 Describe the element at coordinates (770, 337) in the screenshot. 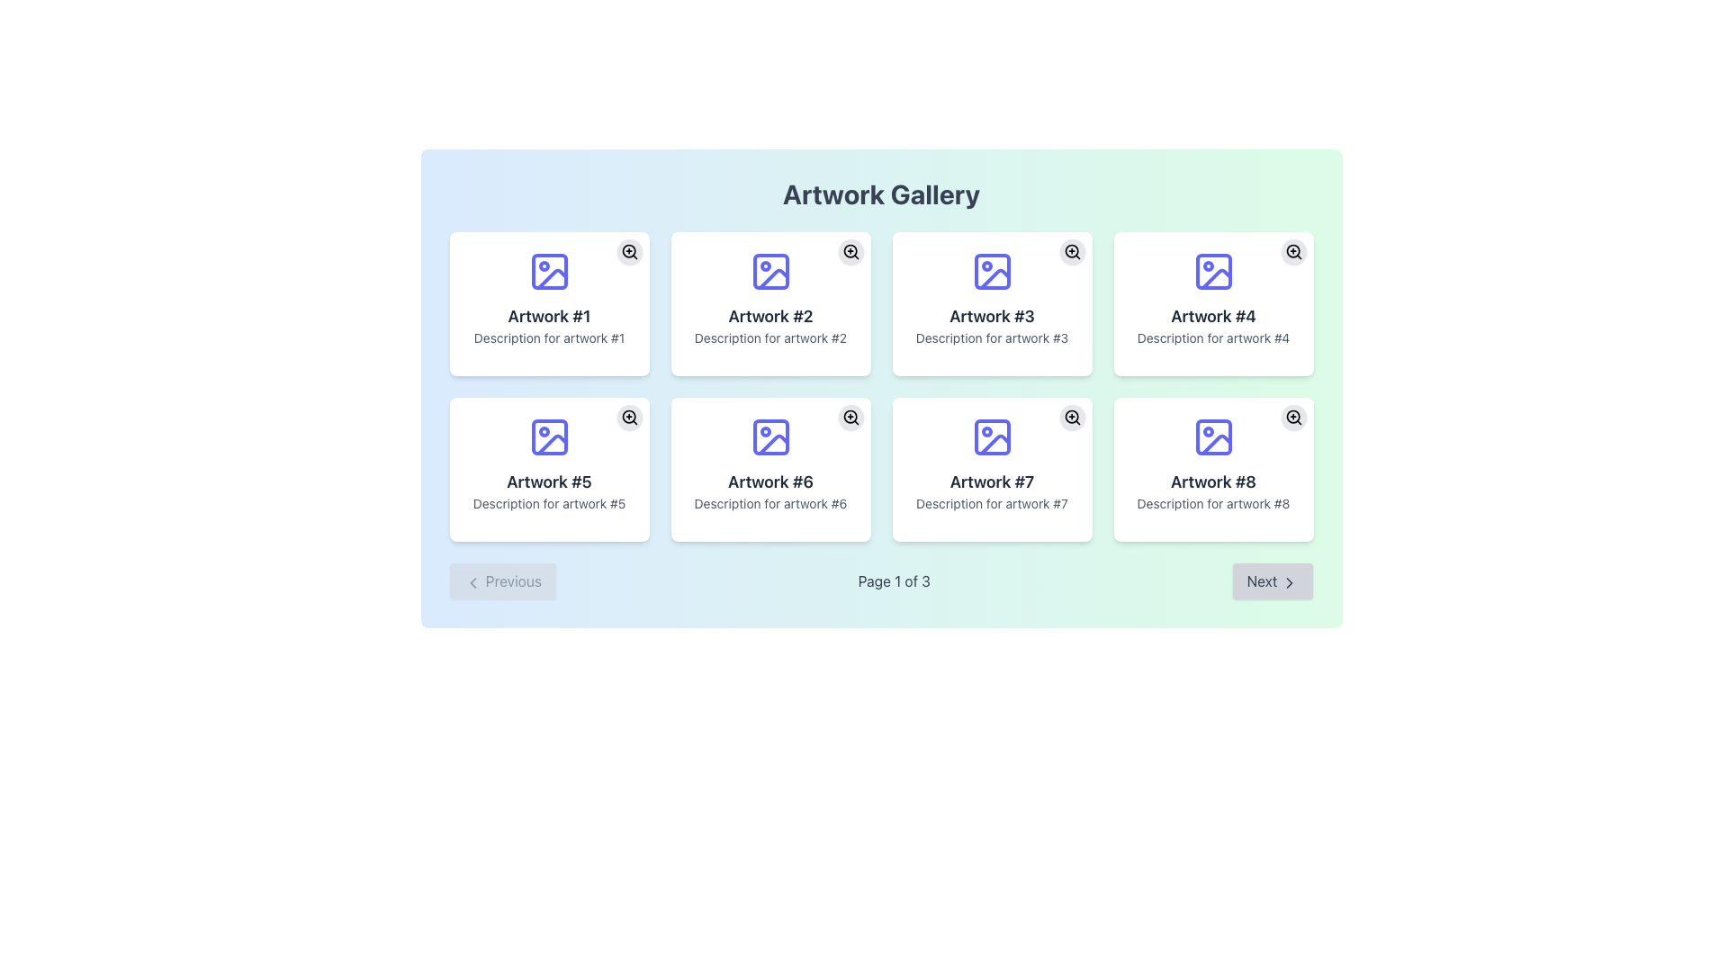

I see `text content of the Text element displaying 'Description for artwork #2', which is located below the title 'Artwork #2' in the second card of the gallery grid` at that location.